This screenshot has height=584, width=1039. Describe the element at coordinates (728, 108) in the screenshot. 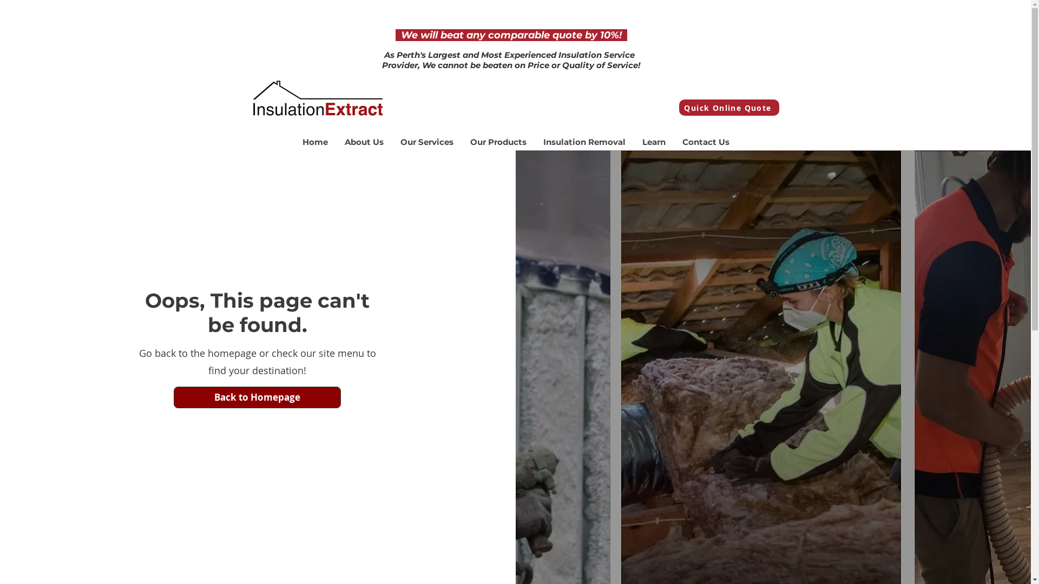

I see `'Quick Online Quote'` at that location.